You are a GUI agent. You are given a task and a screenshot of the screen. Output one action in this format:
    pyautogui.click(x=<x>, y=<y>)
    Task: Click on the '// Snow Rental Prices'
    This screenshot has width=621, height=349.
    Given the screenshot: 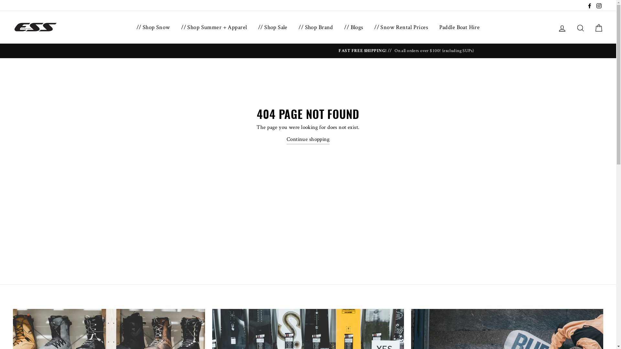 What is the action you would take?
    pyautogui.click(x=400, y=27)
    